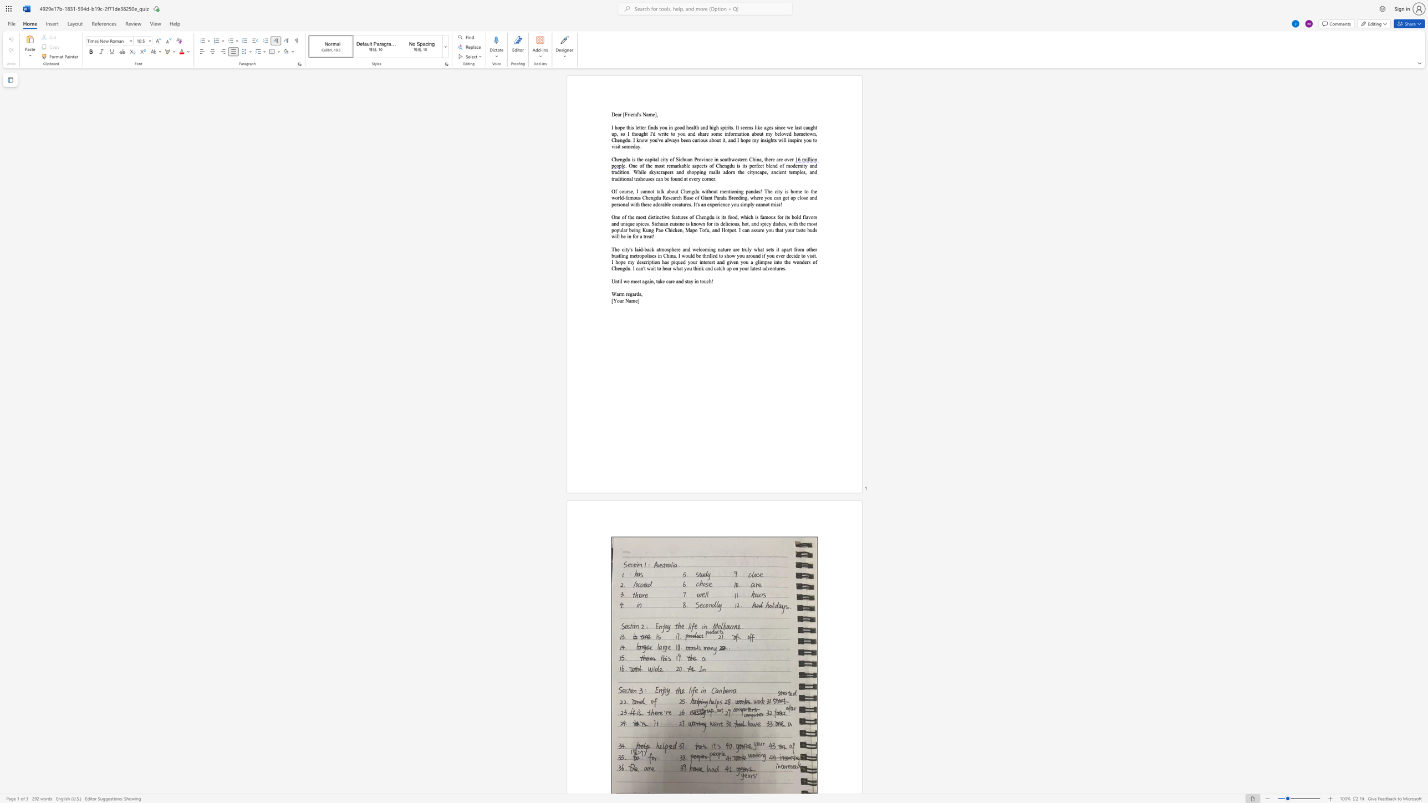  Describe the element at coordinates (649, 280) in the screenshot. I see `the subset text "in, take" within the text "Until we meet again, take"` at that location.